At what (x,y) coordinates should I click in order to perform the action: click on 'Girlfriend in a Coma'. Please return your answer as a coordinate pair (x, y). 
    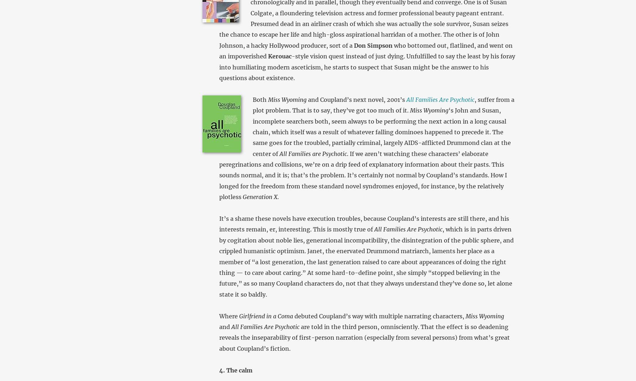
    Looking at the image, I should click on (266, 316).